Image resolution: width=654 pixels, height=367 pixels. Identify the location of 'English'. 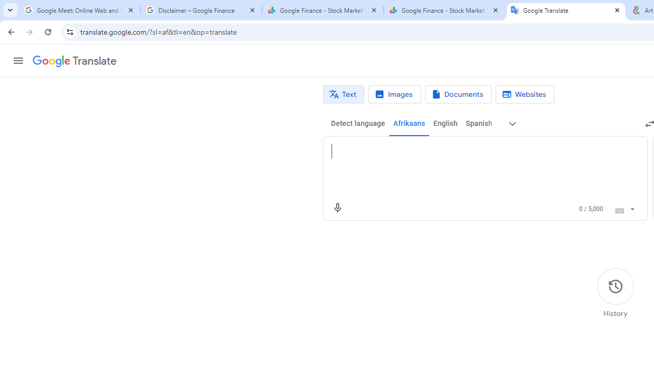
(445, 123).